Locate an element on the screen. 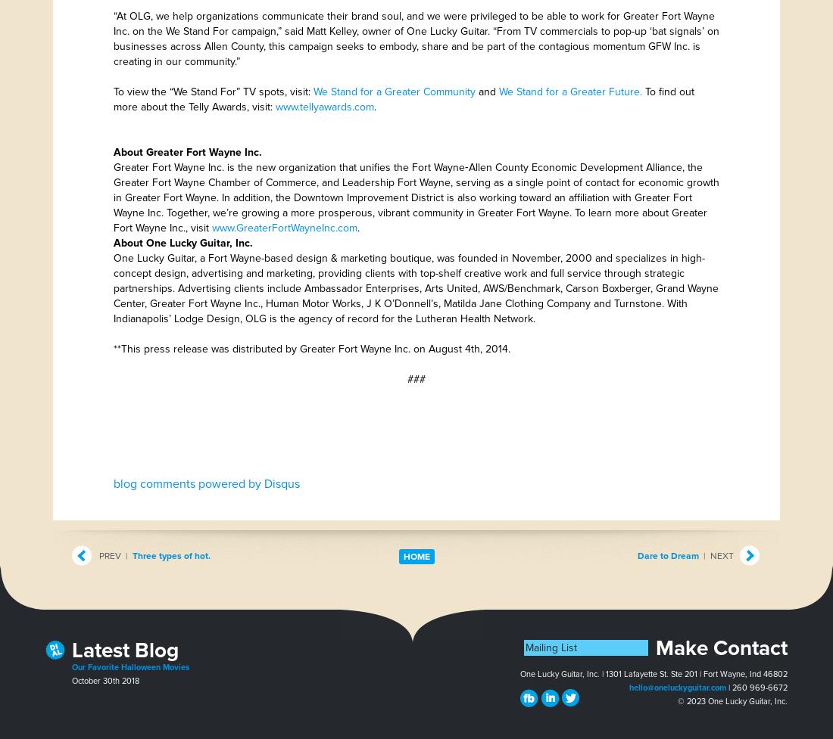  'About Greater Fort Wayne Inc.' is located at coordinates (188, 151).